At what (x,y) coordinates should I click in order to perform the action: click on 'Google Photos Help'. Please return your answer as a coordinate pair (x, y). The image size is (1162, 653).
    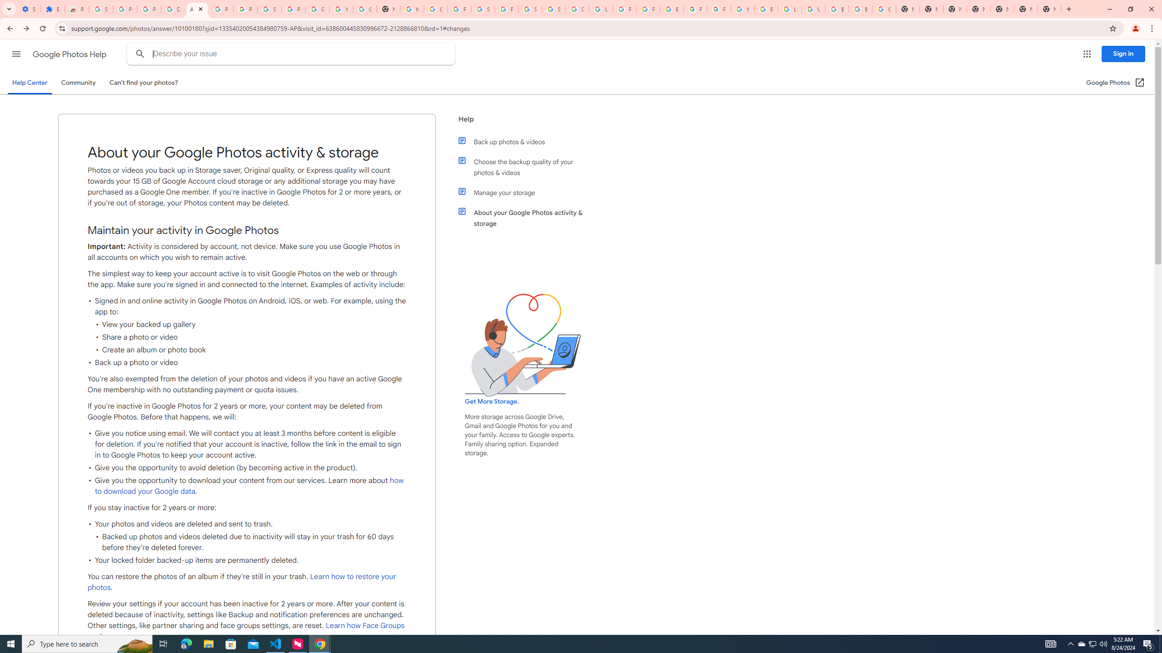
    Looking at the image, I should click on (70, 54).